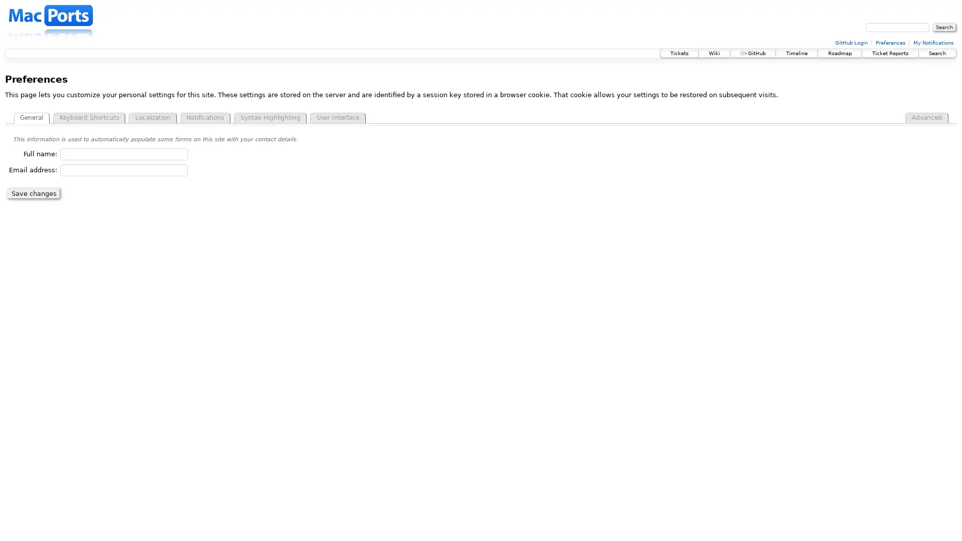 The width and height of the screenshot is (962, 541). I want to click on Save changes, so click(34, 193).